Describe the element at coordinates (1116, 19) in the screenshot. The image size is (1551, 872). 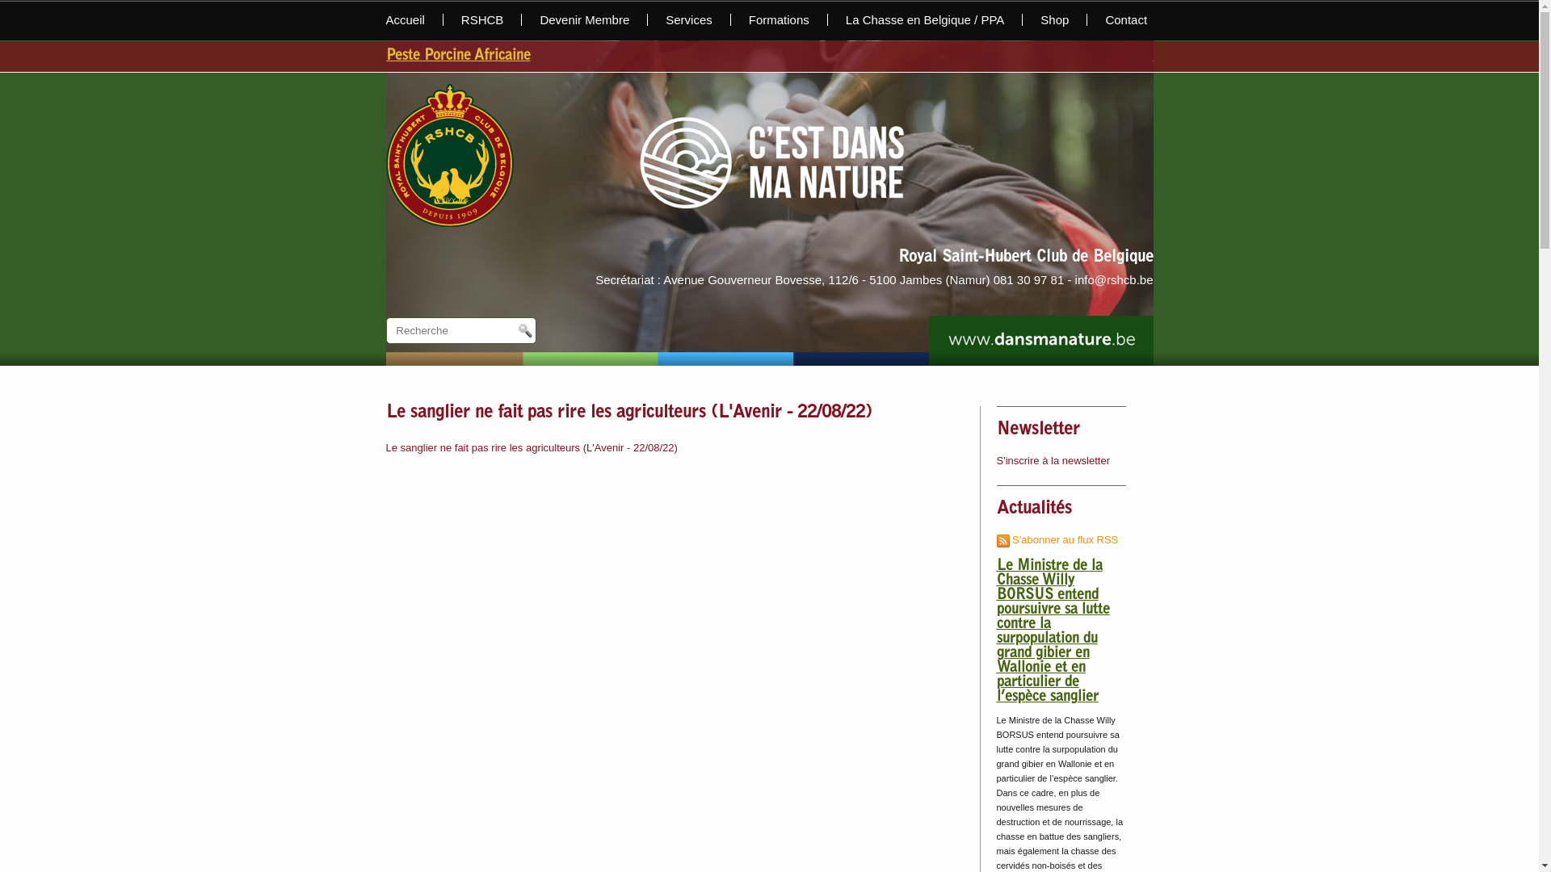
I see `'Contact'` at that location.